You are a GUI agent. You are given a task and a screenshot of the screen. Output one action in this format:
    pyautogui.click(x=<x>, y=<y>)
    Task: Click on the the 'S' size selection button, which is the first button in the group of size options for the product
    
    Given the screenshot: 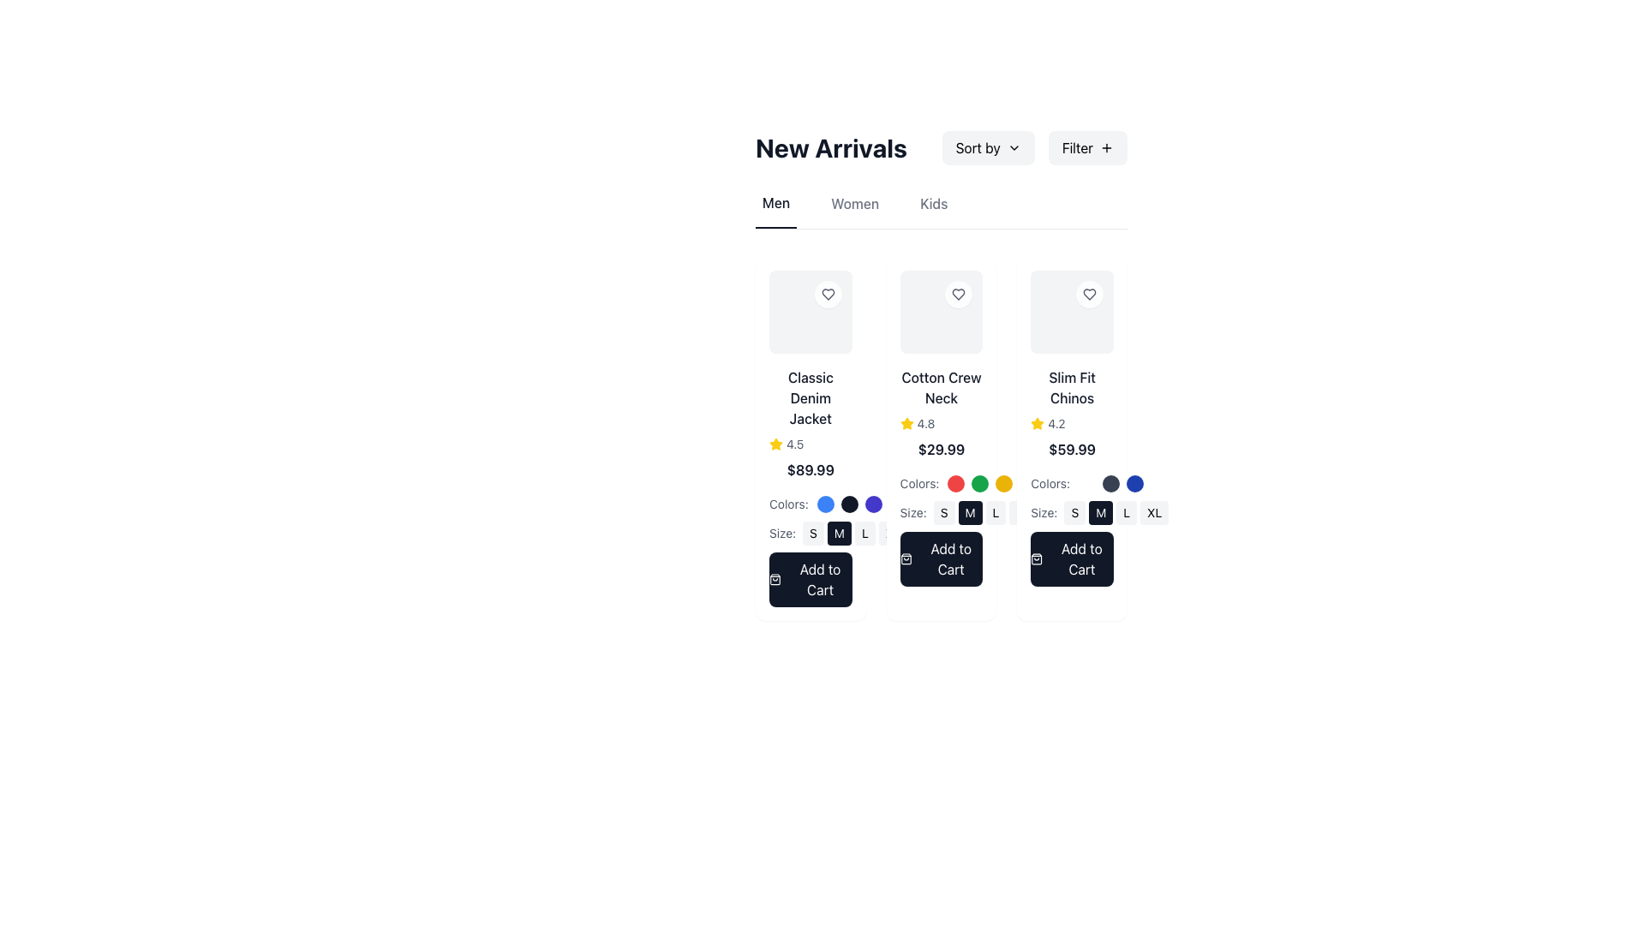 What is the action you would take?
    pyautogui.click(x=812, y=532)
    